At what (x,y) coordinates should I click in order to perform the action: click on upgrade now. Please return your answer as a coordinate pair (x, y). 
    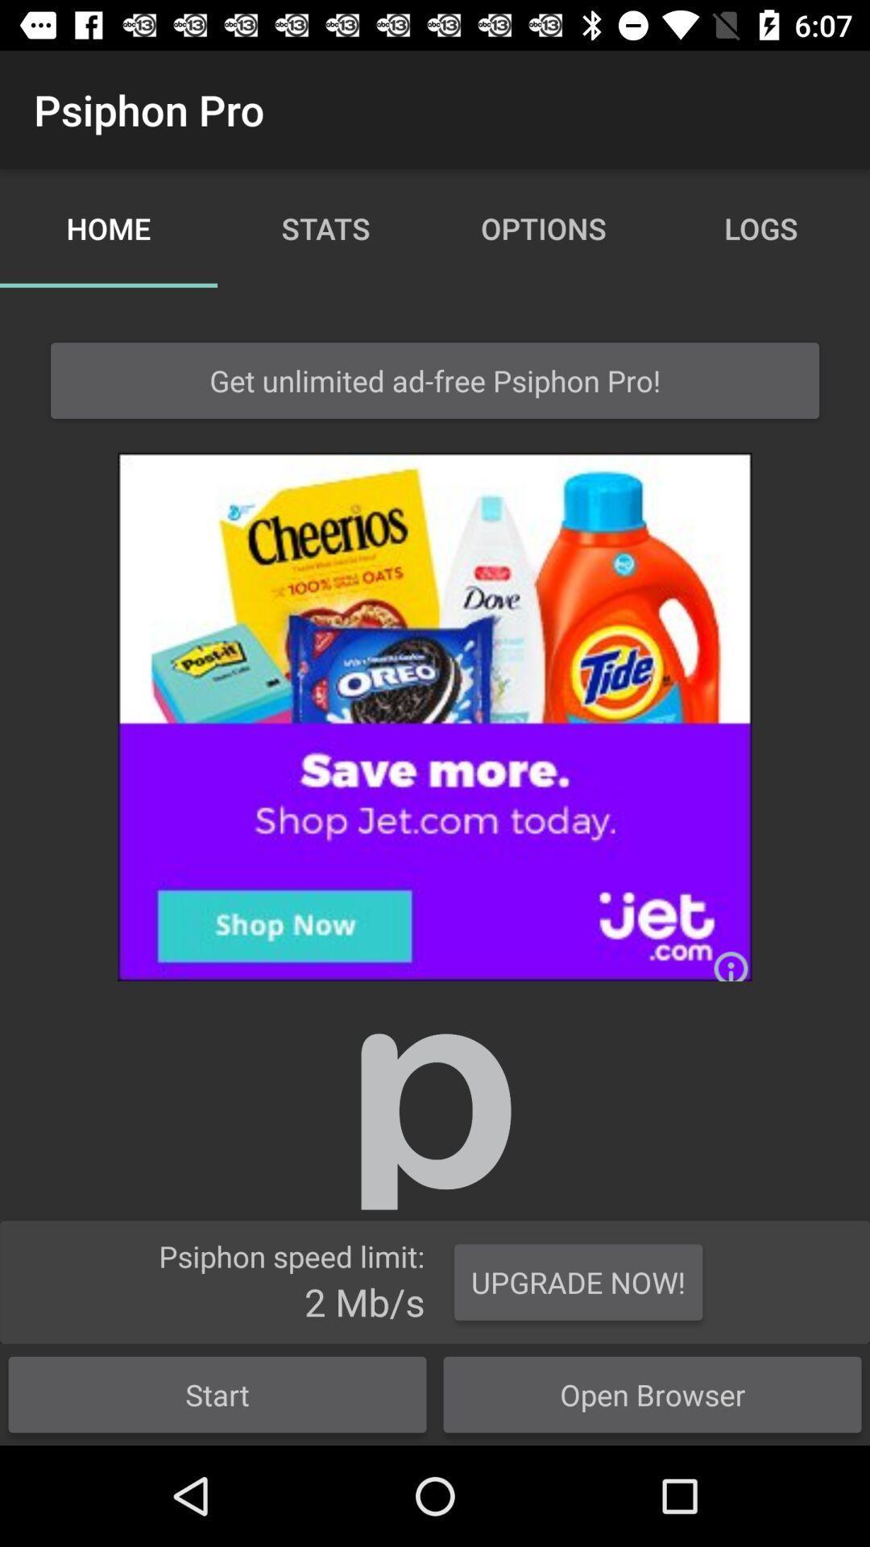
    Looking at the image, I should click on (578, 1282).